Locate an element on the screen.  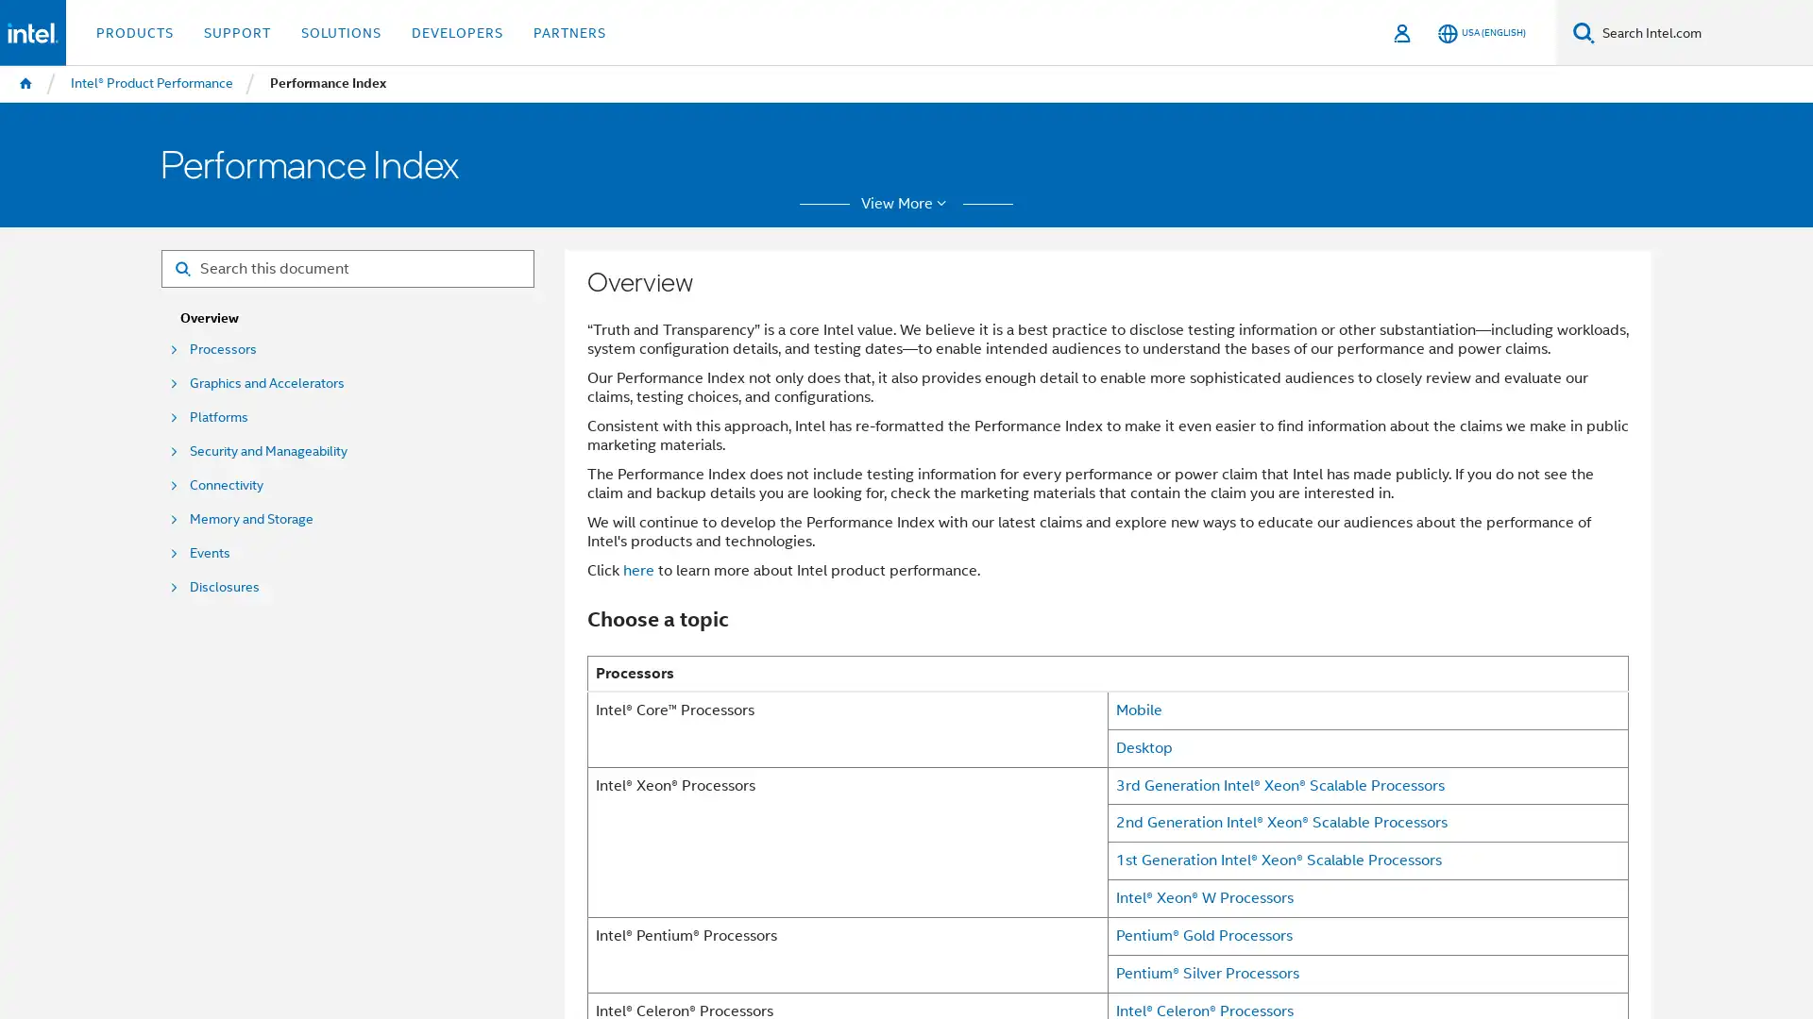
View More is located at coordinates (905, 203).